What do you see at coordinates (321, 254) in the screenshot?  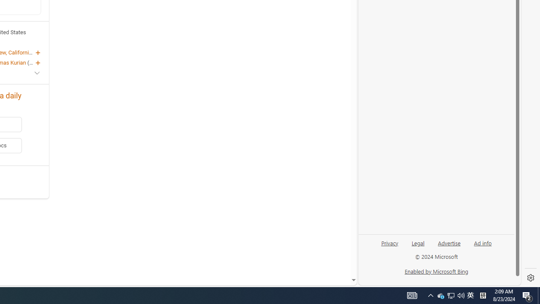 I see `'AutomationID: mfa_root'` at bounding box center [321, 254].